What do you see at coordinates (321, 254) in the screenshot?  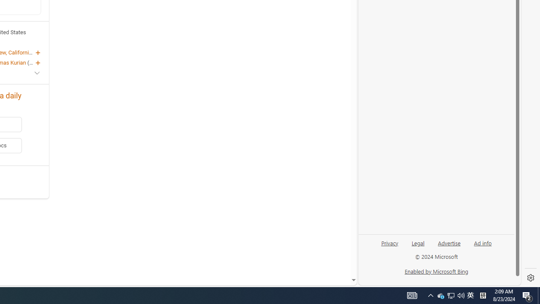 I see `'AutomationID: mfa_root'` at bounding box center [321, 254].